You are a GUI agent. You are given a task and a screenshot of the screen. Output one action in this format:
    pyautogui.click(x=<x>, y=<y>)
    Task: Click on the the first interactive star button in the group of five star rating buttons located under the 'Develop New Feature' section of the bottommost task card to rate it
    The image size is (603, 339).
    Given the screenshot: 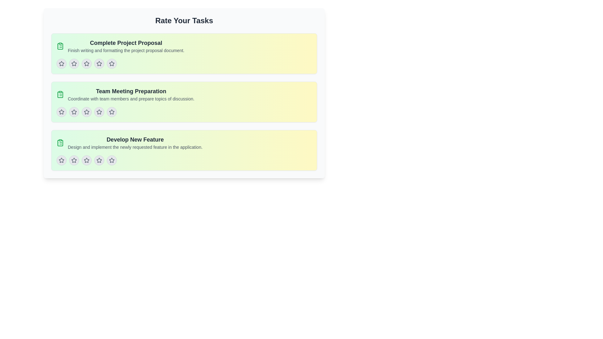 What is the action you would take?
    pyautogui.click(x=62, y=160)
    